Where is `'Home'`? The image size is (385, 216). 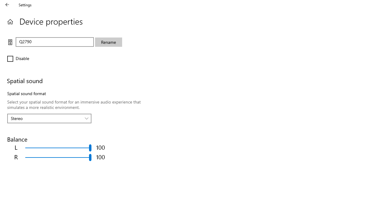
'Home' is located at coordinates (10, 21).